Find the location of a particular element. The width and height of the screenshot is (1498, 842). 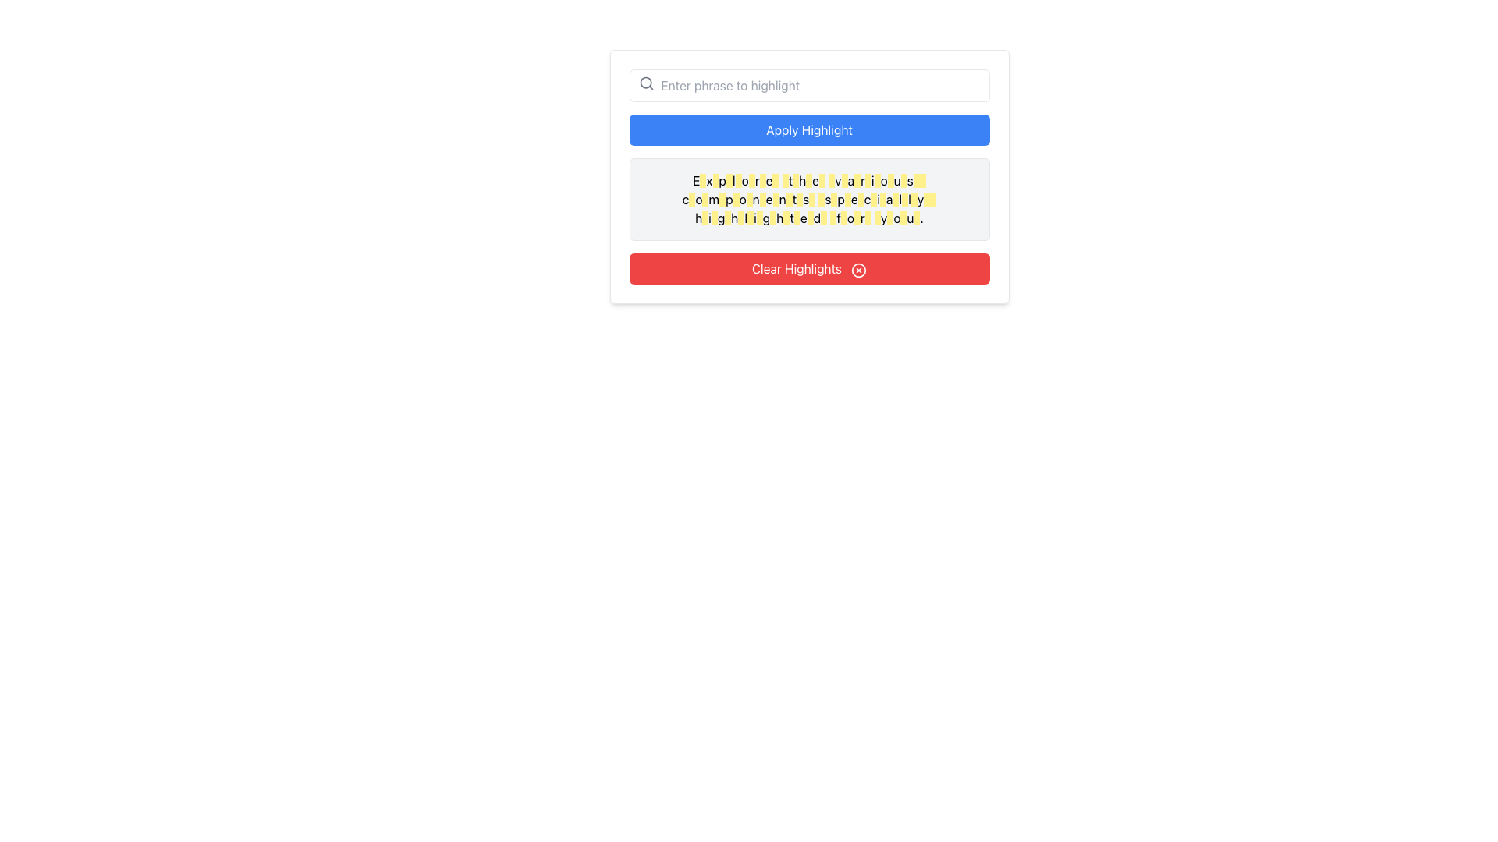

the highlighted mark or indicator within the group that emphasizes features, located near the bottom-right edge of the group containing the text 'Explore the various components specially highlighted for you.' is located at coordinates (860, 198).